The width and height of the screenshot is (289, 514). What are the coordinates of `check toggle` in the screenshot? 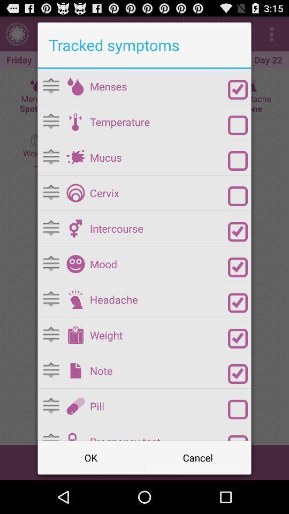 It's located at (238, 267).